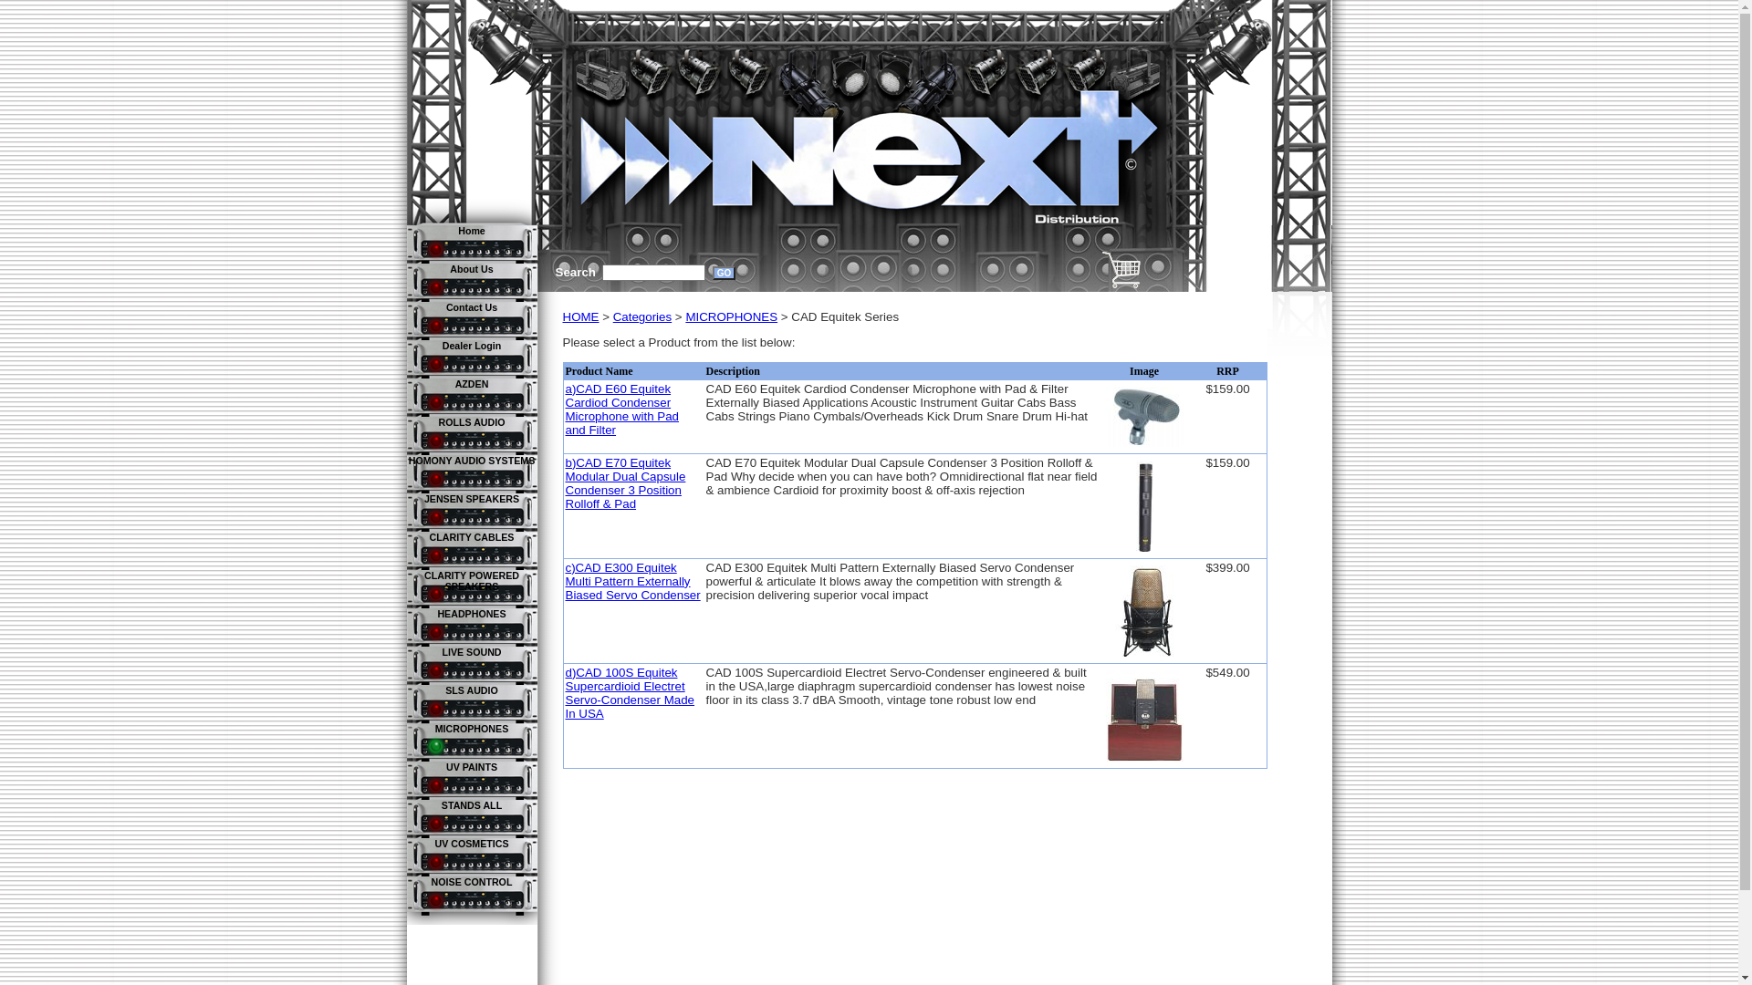 This screenshot has width=1752, height=985. I want to click on 'MICROPHONES', so click(472, 727).